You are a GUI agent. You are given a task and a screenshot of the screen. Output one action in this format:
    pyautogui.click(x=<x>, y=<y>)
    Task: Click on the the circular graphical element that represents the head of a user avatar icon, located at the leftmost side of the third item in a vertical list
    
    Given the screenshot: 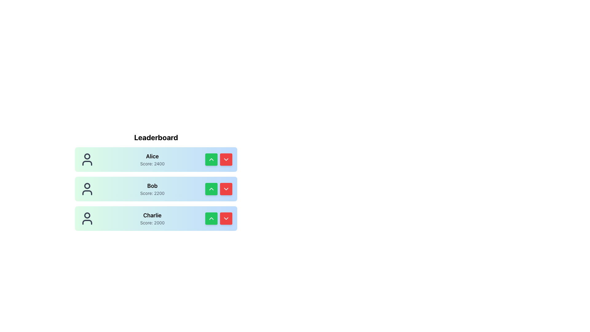 What is the action you would take?
    pyautogui.click(x=87, y=215)
    